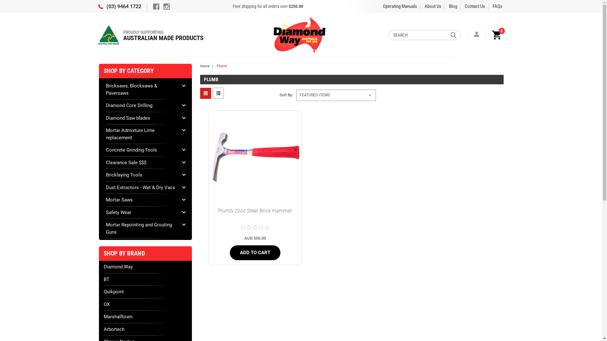  Describe the element at coordinates (145, 279) in the screenshot. I see `'BT'` at that location.